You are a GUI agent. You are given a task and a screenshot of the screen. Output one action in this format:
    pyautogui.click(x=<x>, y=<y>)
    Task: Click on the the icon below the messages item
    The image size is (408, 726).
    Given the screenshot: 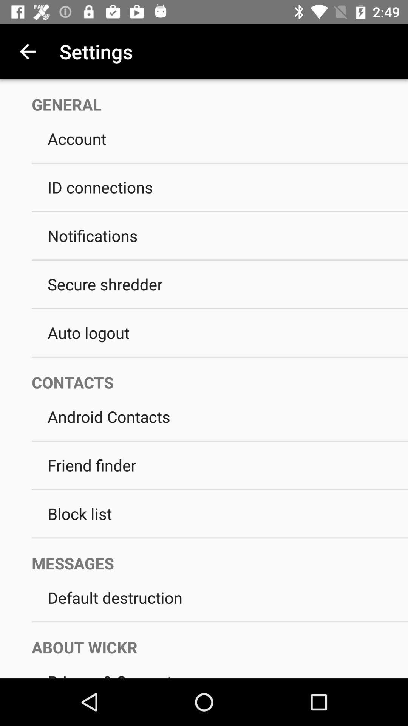 What is the action you would take?
    pyautogui.click(x=220, y=597)
    